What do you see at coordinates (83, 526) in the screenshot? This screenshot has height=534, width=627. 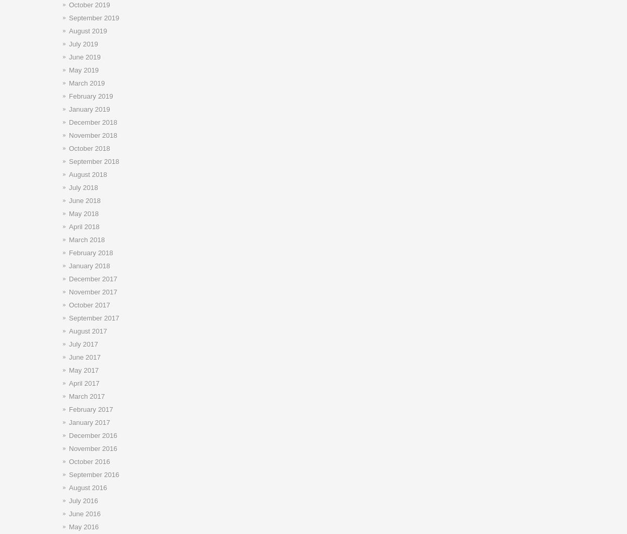 I see `'May 2016'` at bounding box center [83, 526].